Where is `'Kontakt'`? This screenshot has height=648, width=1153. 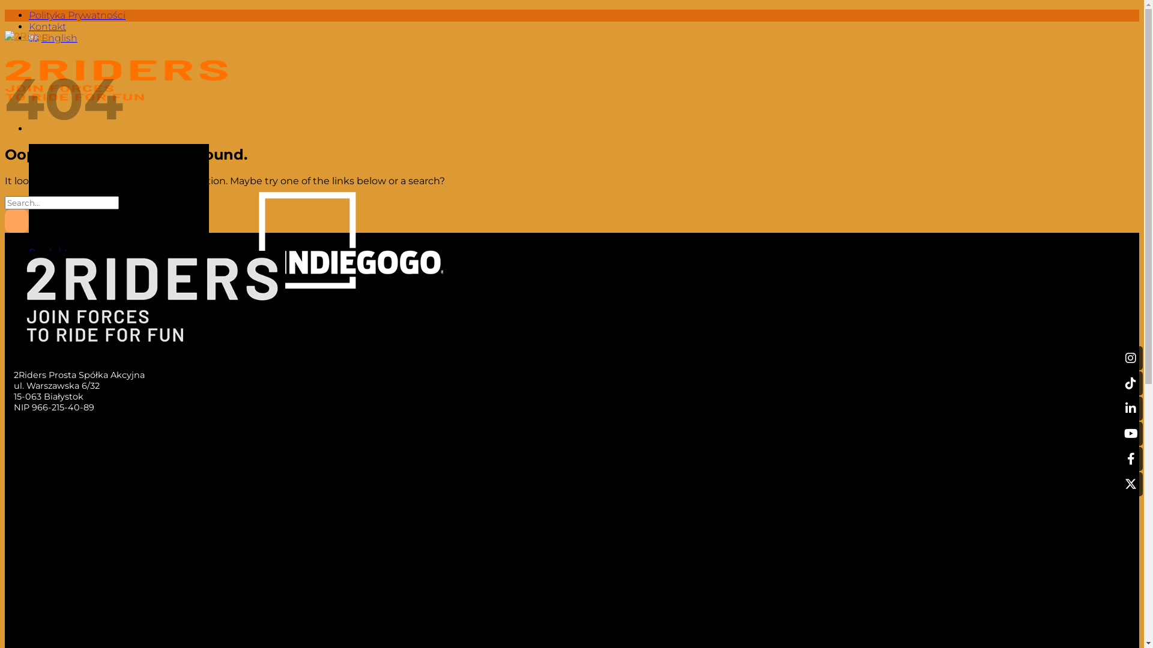
'Kontakt' is located at coordinates (48, 286).